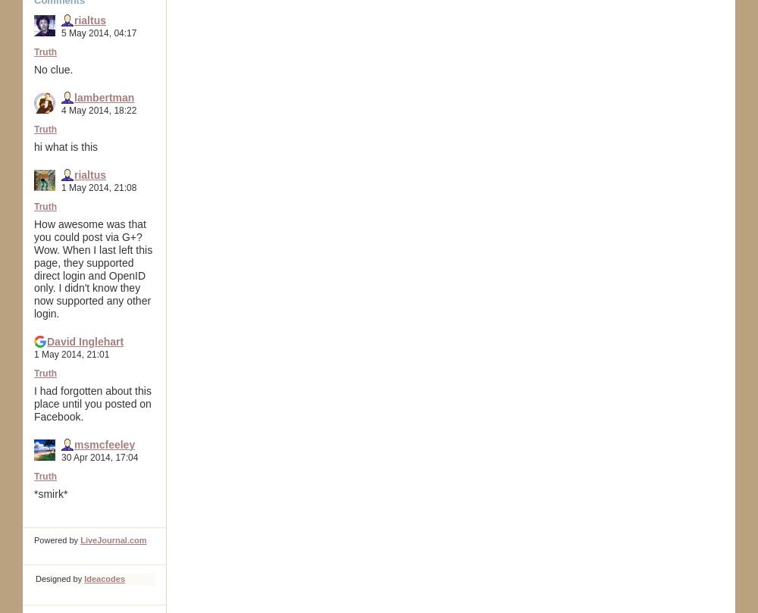 This screenshot has width=758, height=613. What do you see at coordinates (59, 577) in the screenshot?
I see `'Designed by'` at bounding box center [59, 577].